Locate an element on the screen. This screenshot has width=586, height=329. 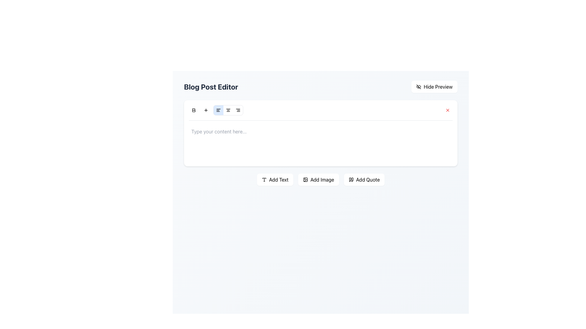
the rounded rectangle SVG element, which is part of an SVG icon and measures 18x18 pixels with rounded corners is located at coordinates (306, 179).